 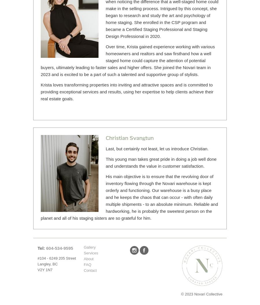 What do you see at coordinates (45, 269) in the screenshot?
I see `'V2Y 1N7'` at bounding box center [45, 269].